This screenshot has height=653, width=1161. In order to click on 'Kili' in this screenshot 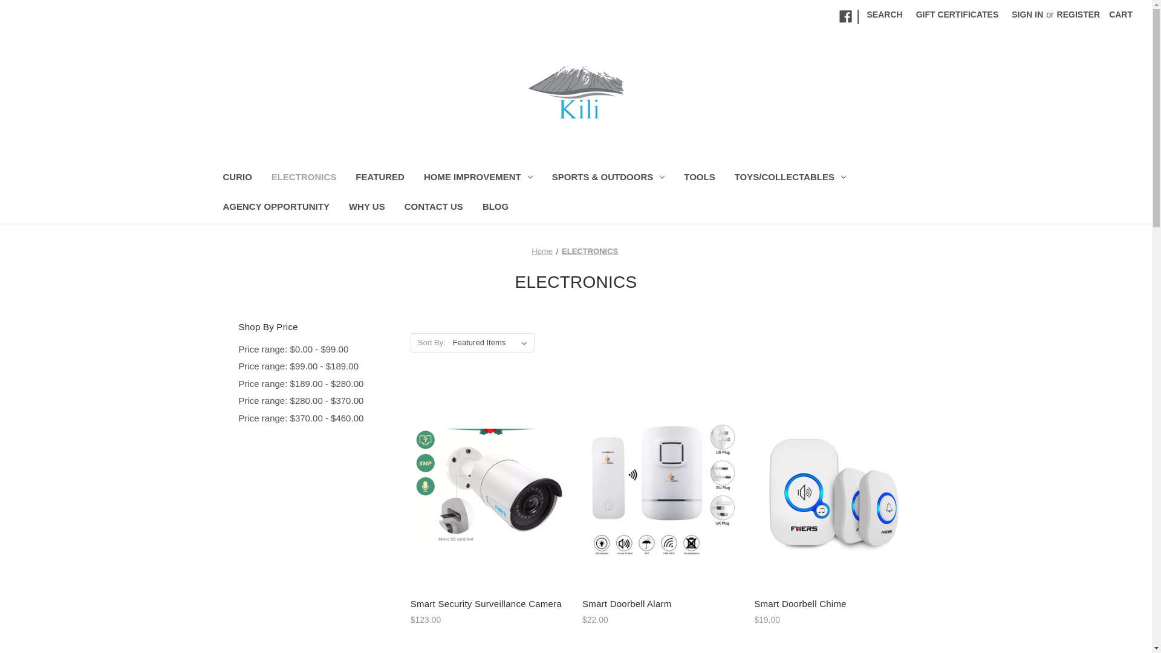, I will do `click(576, 95)`.